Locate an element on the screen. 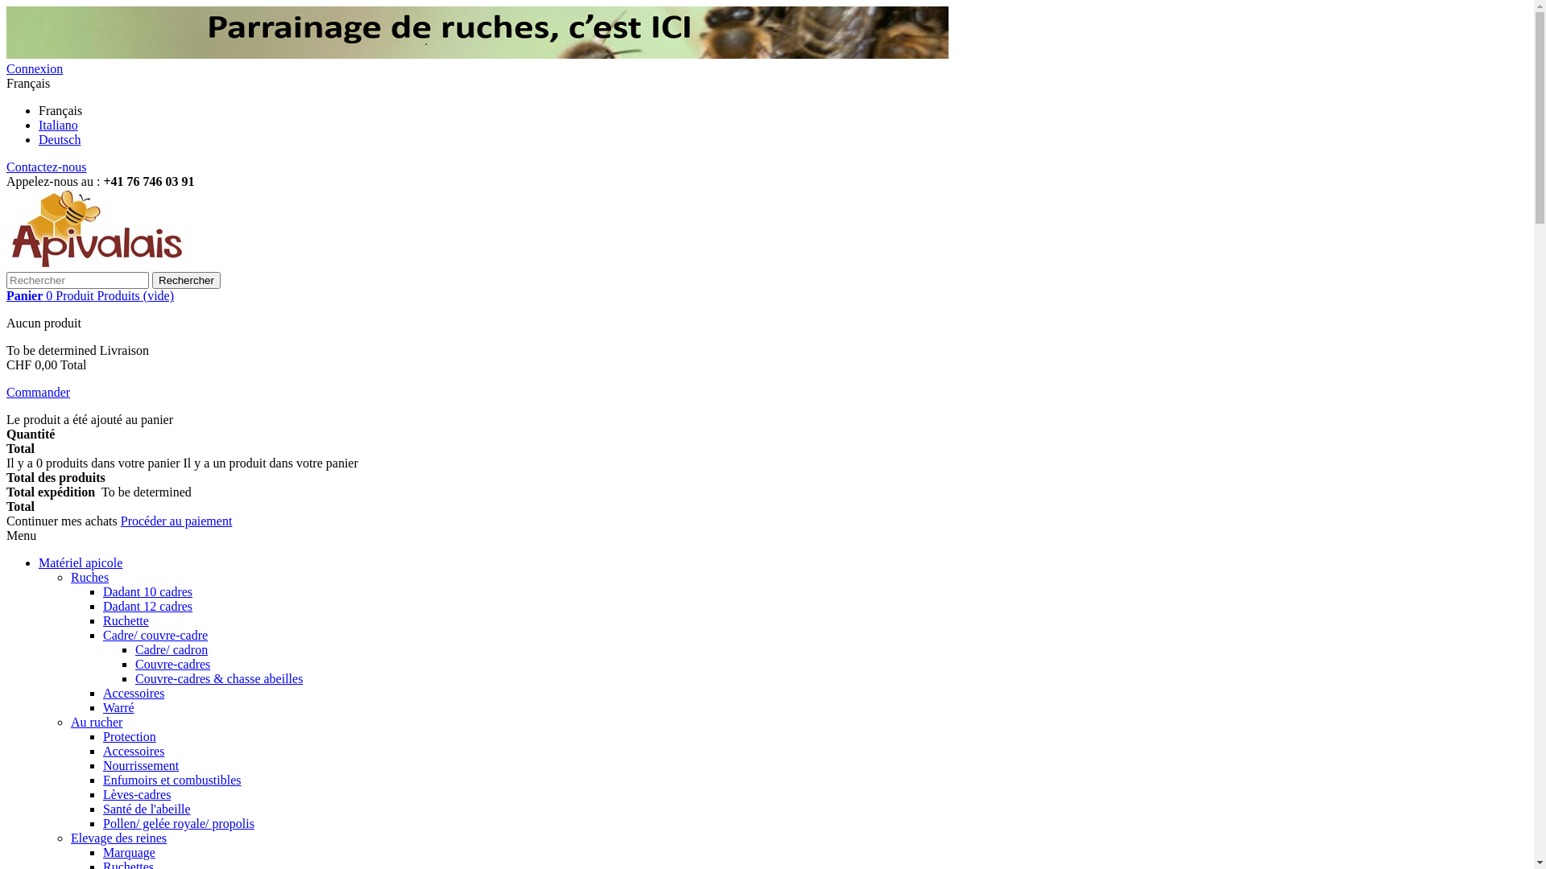  'Connexion' is located at coordinates (35, 68).